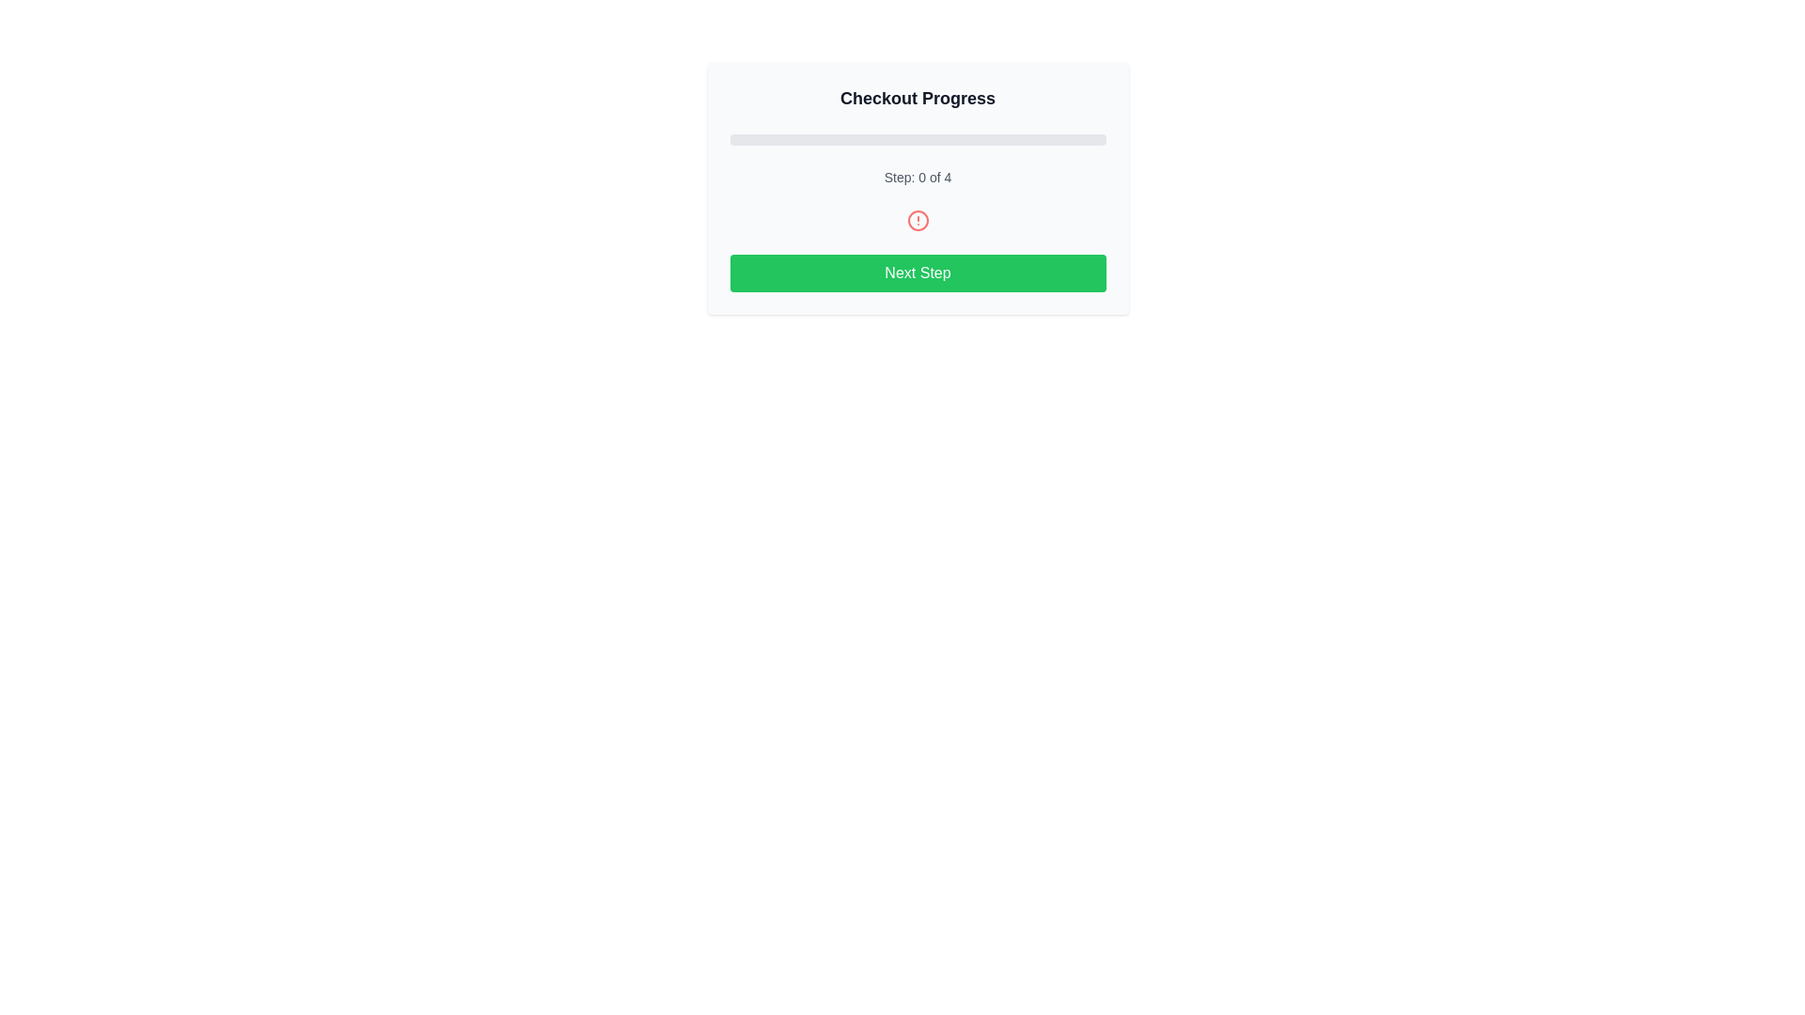 The width and height of the screenshot is (1805, 1015). Describe the element at coordinates (918, 139) in the screenshot. I see `progress bar that visually represents the completion percentage during the checkout process, located centrally below the 'Checkout Progress' heading` at that location.